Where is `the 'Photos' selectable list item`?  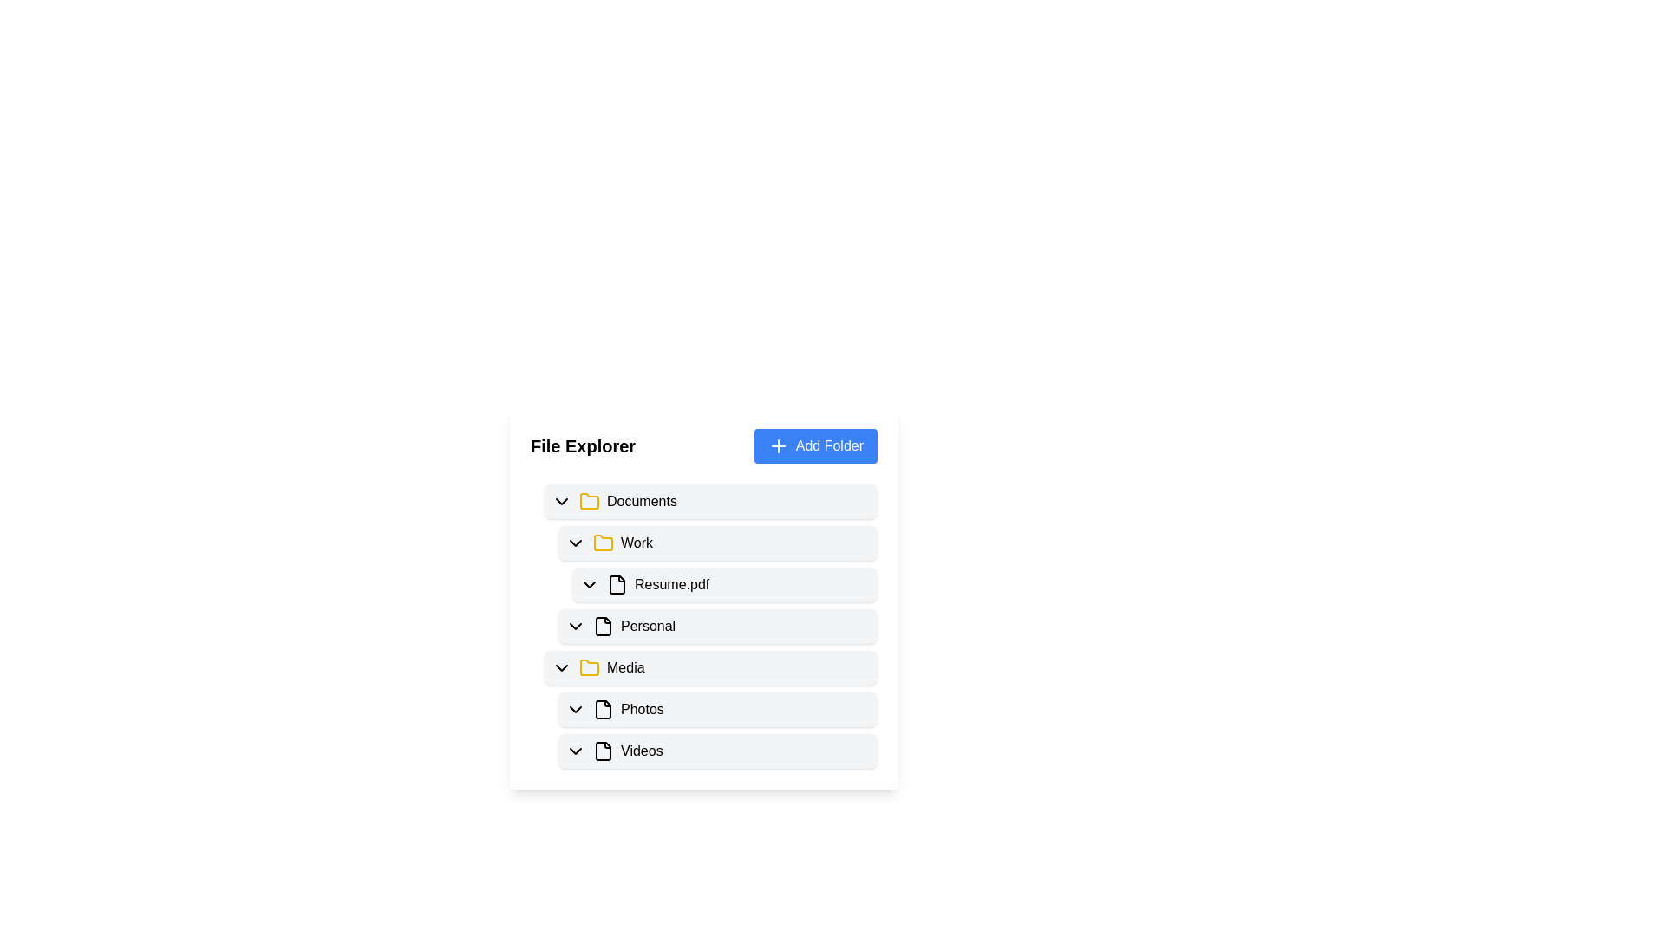
the 'Photos' selectable list item is located at coordinates (718, 709).